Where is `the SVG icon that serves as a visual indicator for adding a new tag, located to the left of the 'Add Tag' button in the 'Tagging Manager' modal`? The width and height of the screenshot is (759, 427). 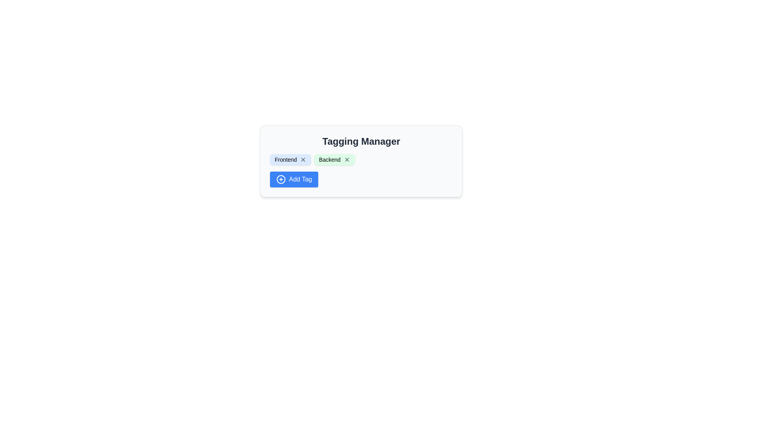
the SVG icon that serves as a visual indicator for adding a new tag, located to the left of the 'Add Tag' button in the 'Tagging Manager' modal is located at coordinates (281, 179).